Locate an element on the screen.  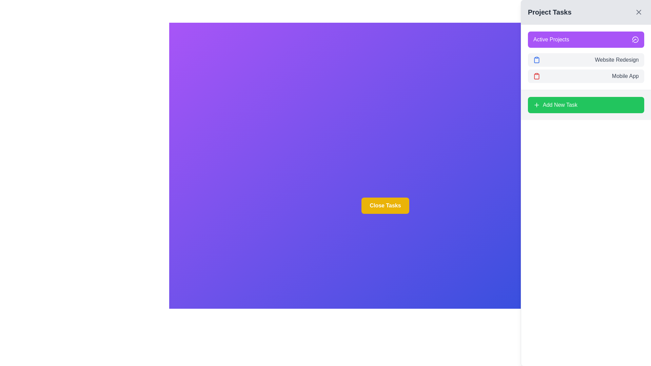
the 'Add New Task' button with vivid green background and white text is located at coordinates (586, 105).